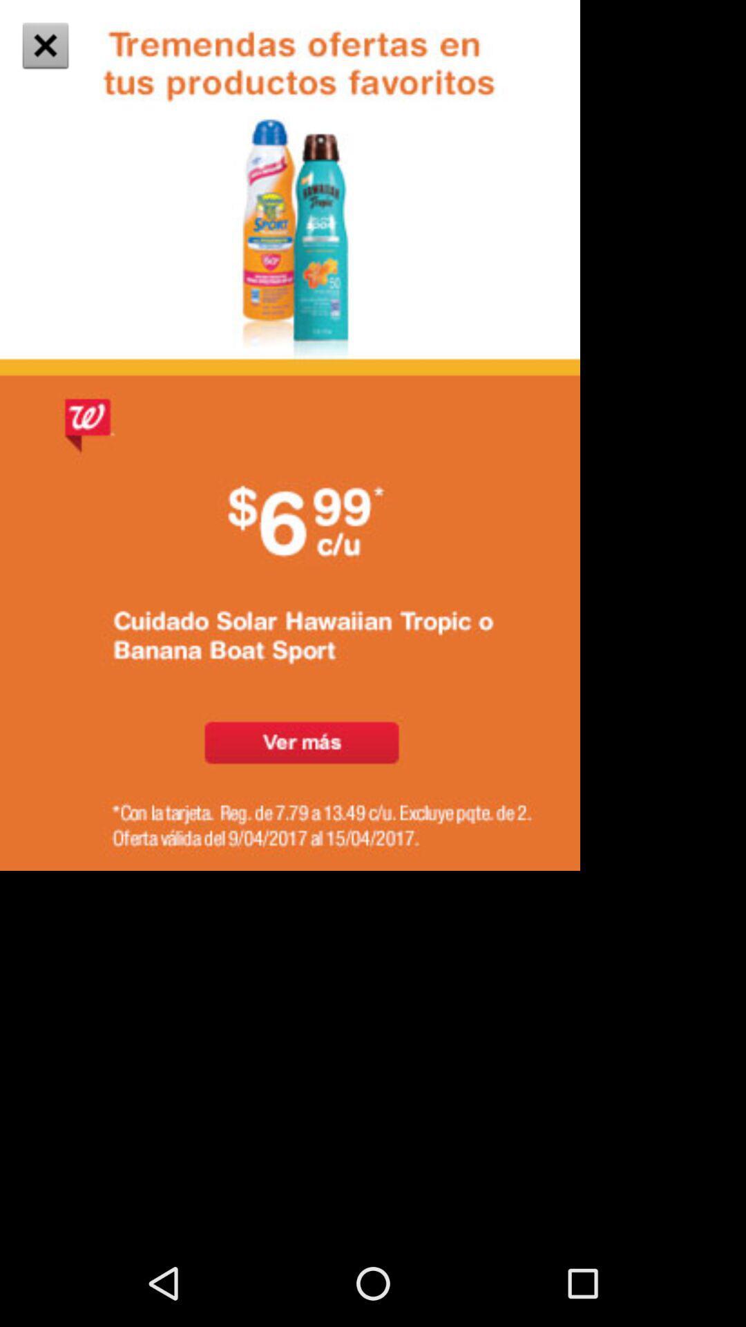 The height and width of the screenshot is (1327, 746). Describe the element at coordinates (63, 67) in the screenshot. I see `the close icon` at that location.